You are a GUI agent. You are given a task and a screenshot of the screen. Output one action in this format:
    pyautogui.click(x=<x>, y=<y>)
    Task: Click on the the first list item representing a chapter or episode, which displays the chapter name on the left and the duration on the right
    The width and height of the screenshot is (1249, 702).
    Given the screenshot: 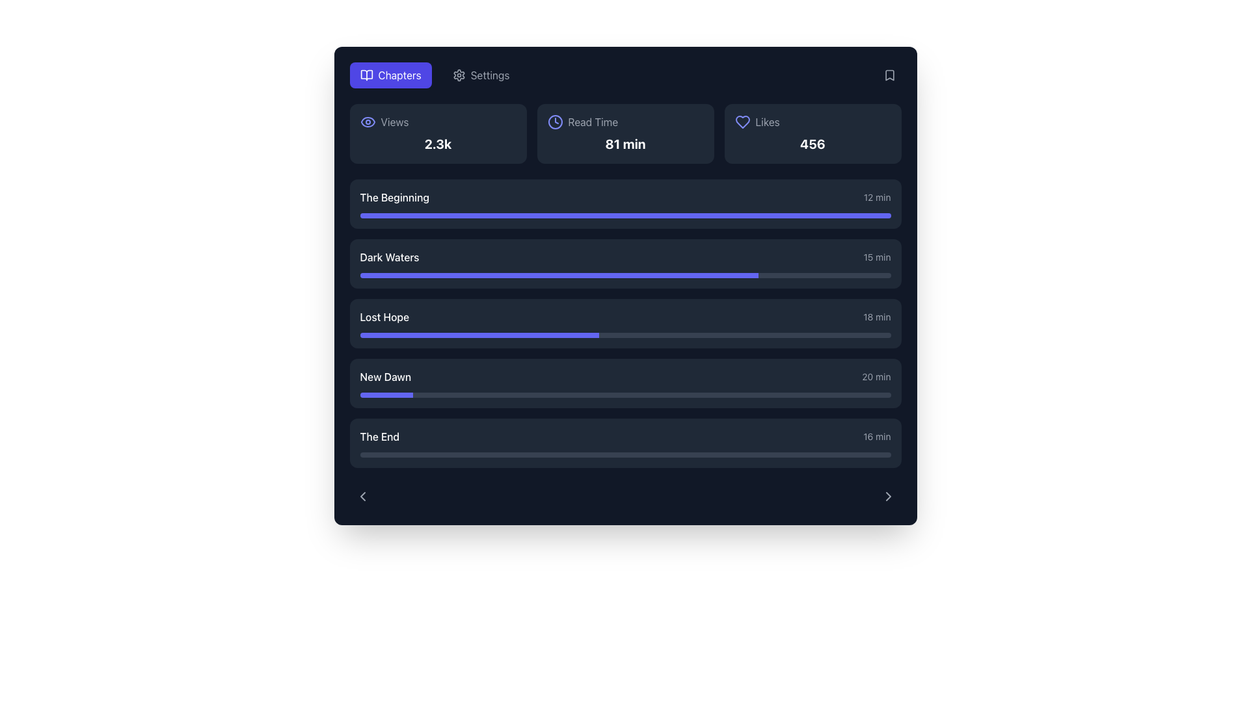 What is the action you would take?
    pyautogui.click(x=625, y=198)
    